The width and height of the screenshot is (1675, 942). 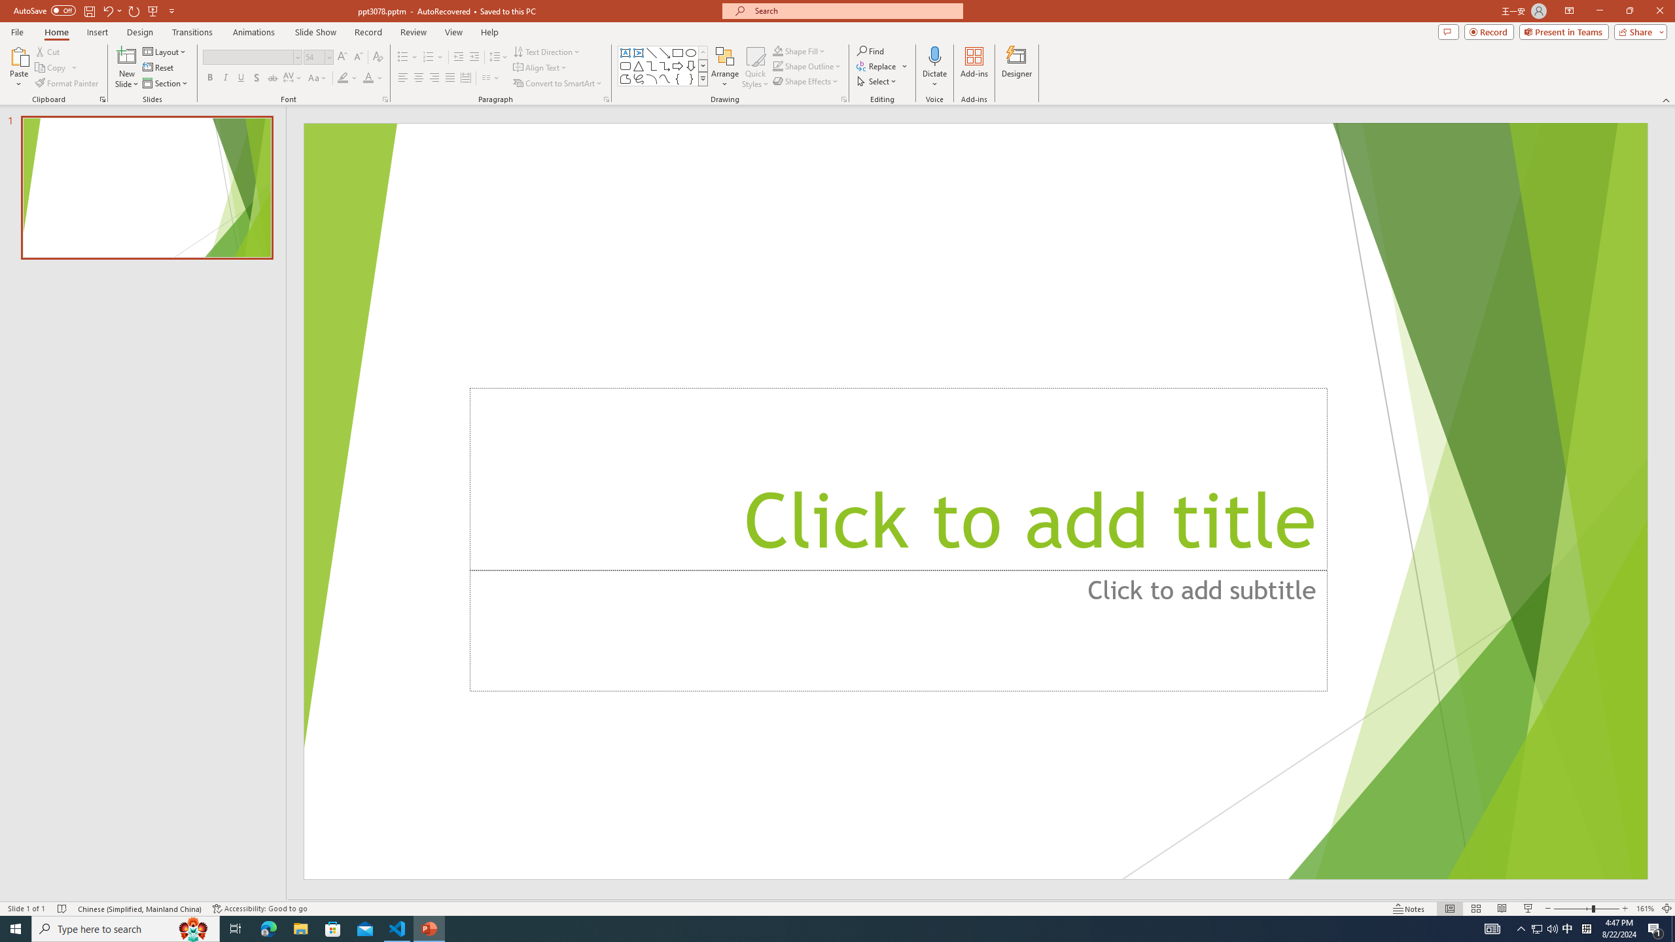 I want to click on 'Line Arrow', so click(x=664, y=52).